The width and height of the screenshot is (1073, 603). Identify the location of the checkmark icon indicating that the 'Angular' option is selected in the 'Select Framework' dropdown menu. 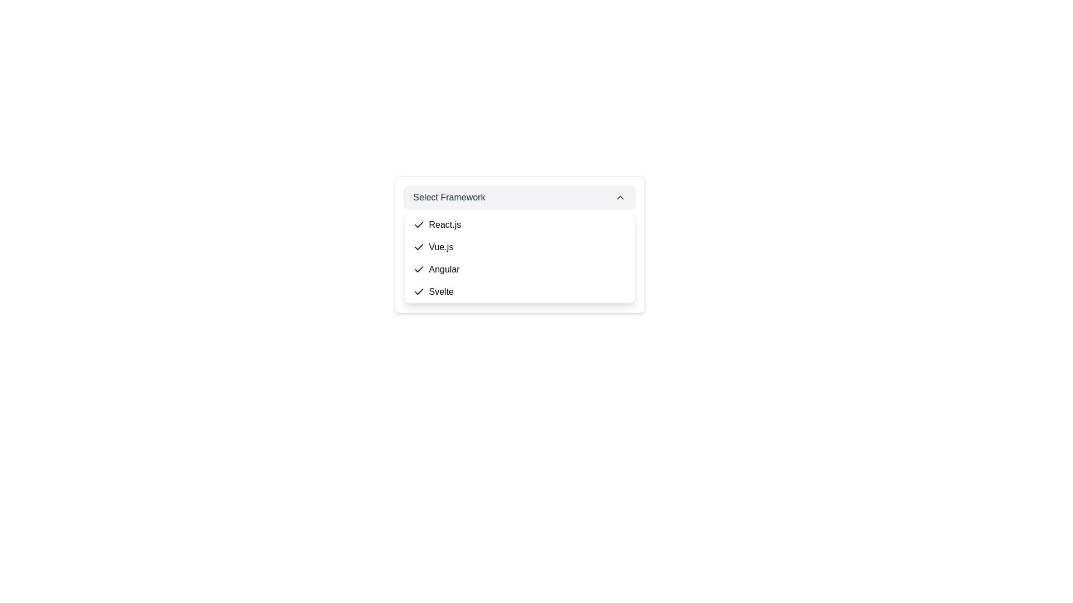
(418, 269).